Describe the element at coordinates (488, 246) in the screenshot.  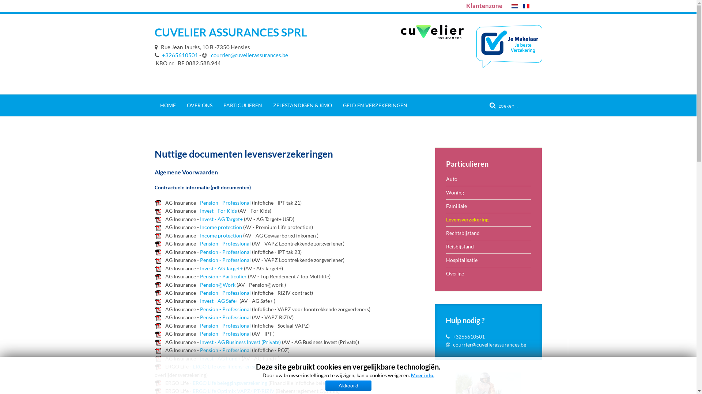
I see `'Reisbijstand'` at that location.